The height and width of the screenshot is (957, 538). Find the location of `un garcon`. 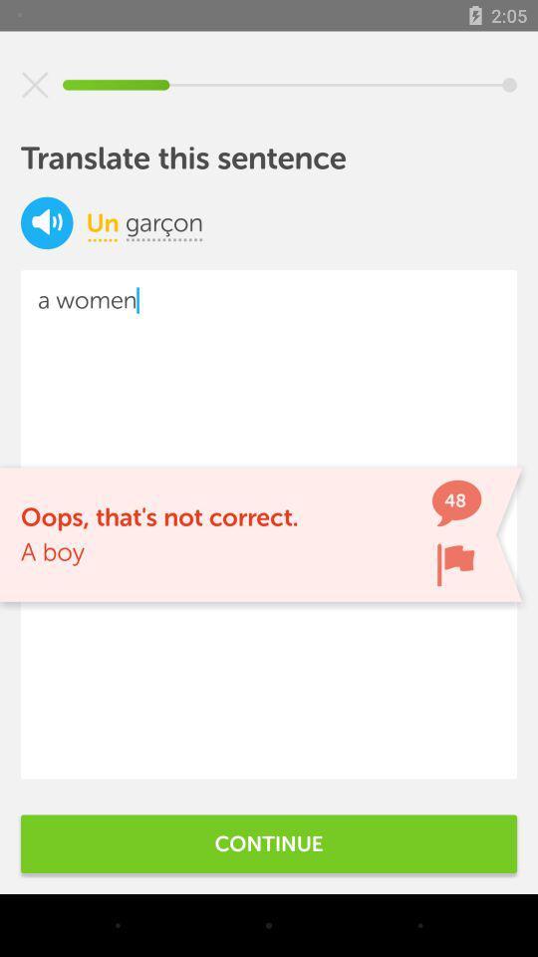

un garcon is located at coordinates (47, 222).